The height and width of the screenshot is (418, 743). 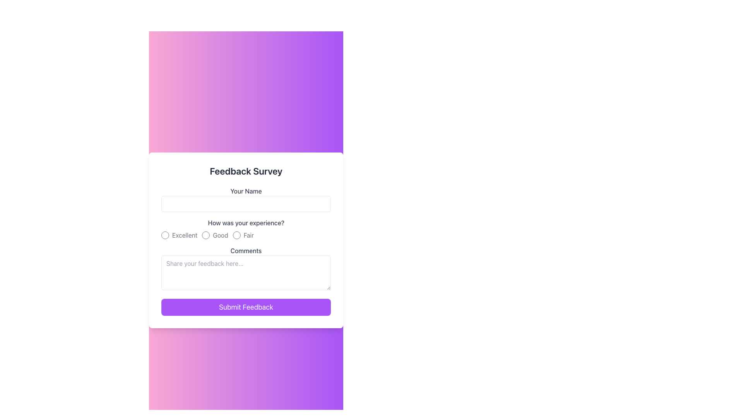 I want to click on the text label containing the word 'Fair', which is aligned to the right of its associated radio button under the question 'How was your experience?', so click(x=248, y=235).